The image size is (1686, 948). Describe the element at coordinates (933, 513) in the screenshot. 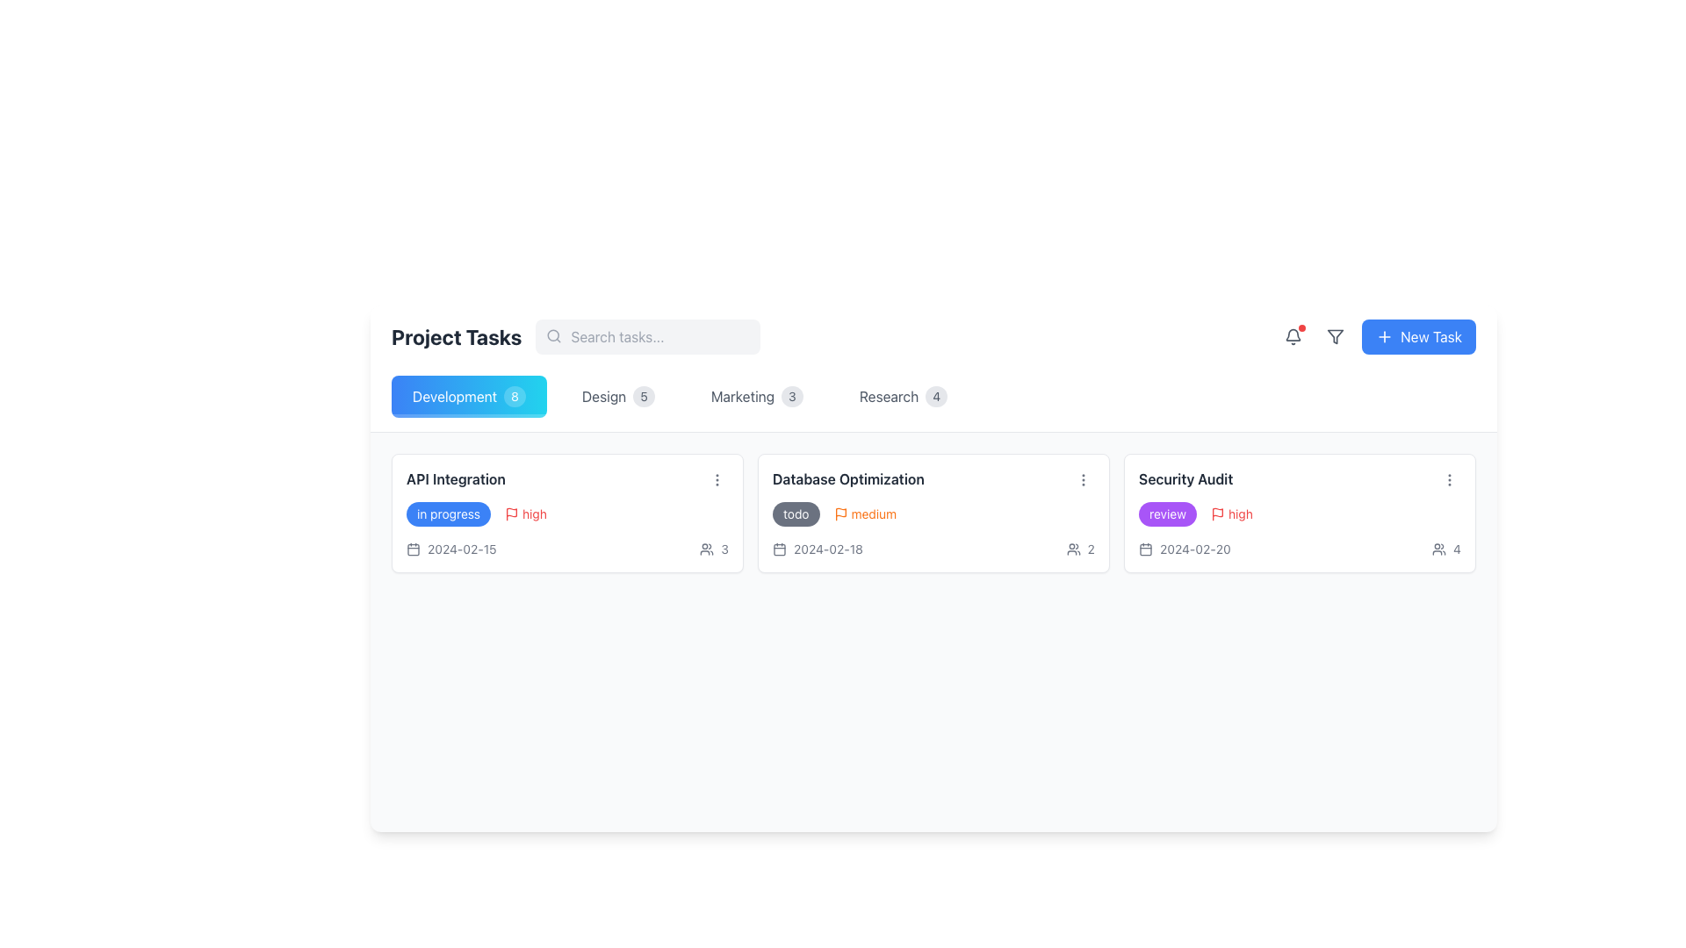

I see `the interactive card representing a task` at that location.